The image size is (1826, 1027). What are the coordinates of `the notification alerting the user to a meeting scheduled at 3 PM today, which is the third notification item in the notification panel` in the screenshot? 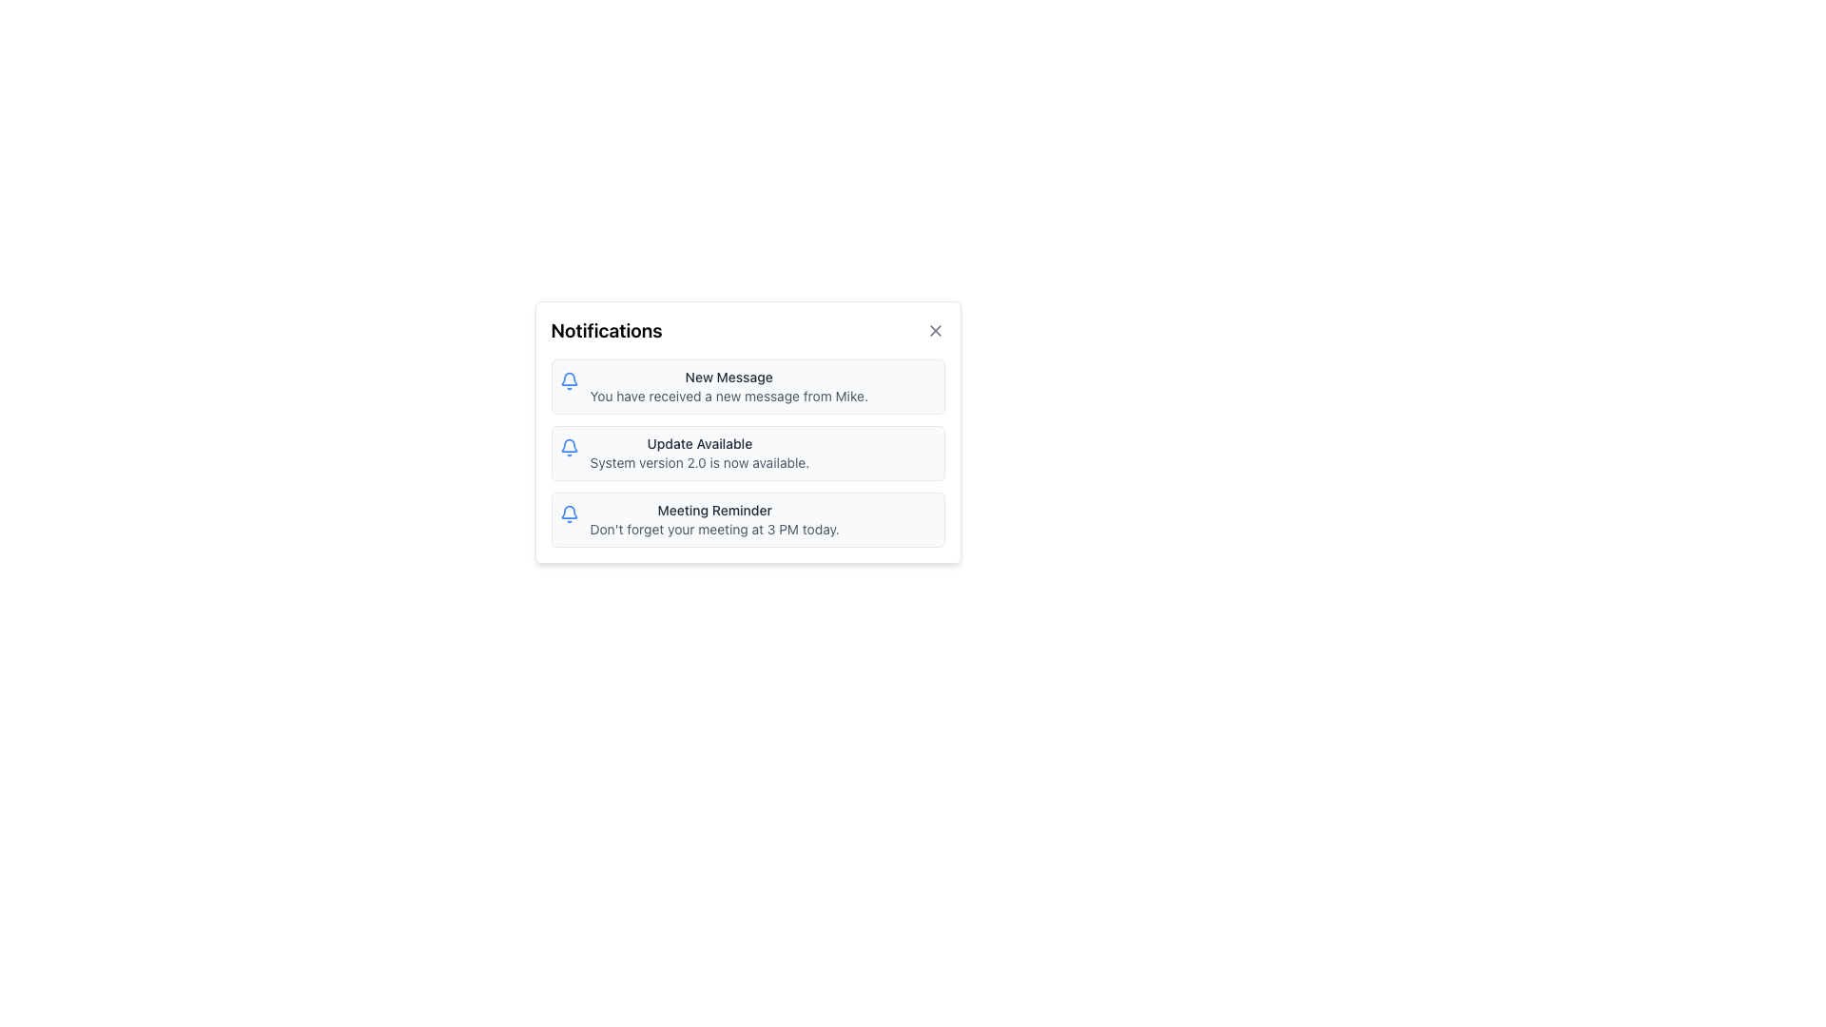 It's located at (713, 520).